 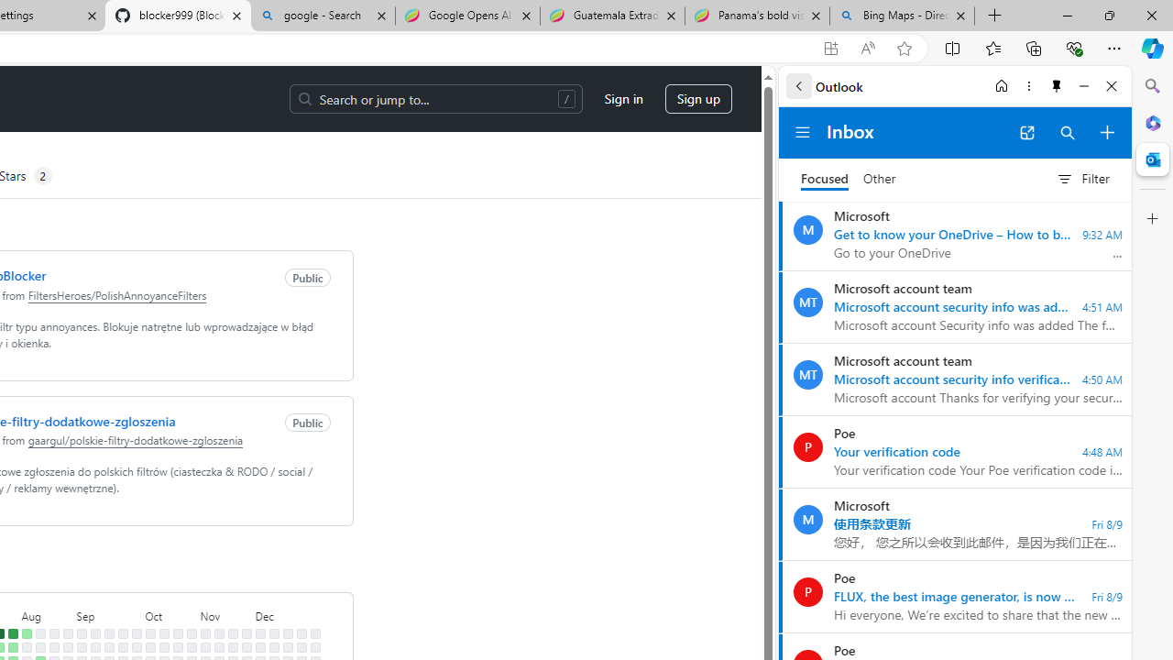 I want to click on 'No contributions on November 24th.', so click(x=245, y=632).